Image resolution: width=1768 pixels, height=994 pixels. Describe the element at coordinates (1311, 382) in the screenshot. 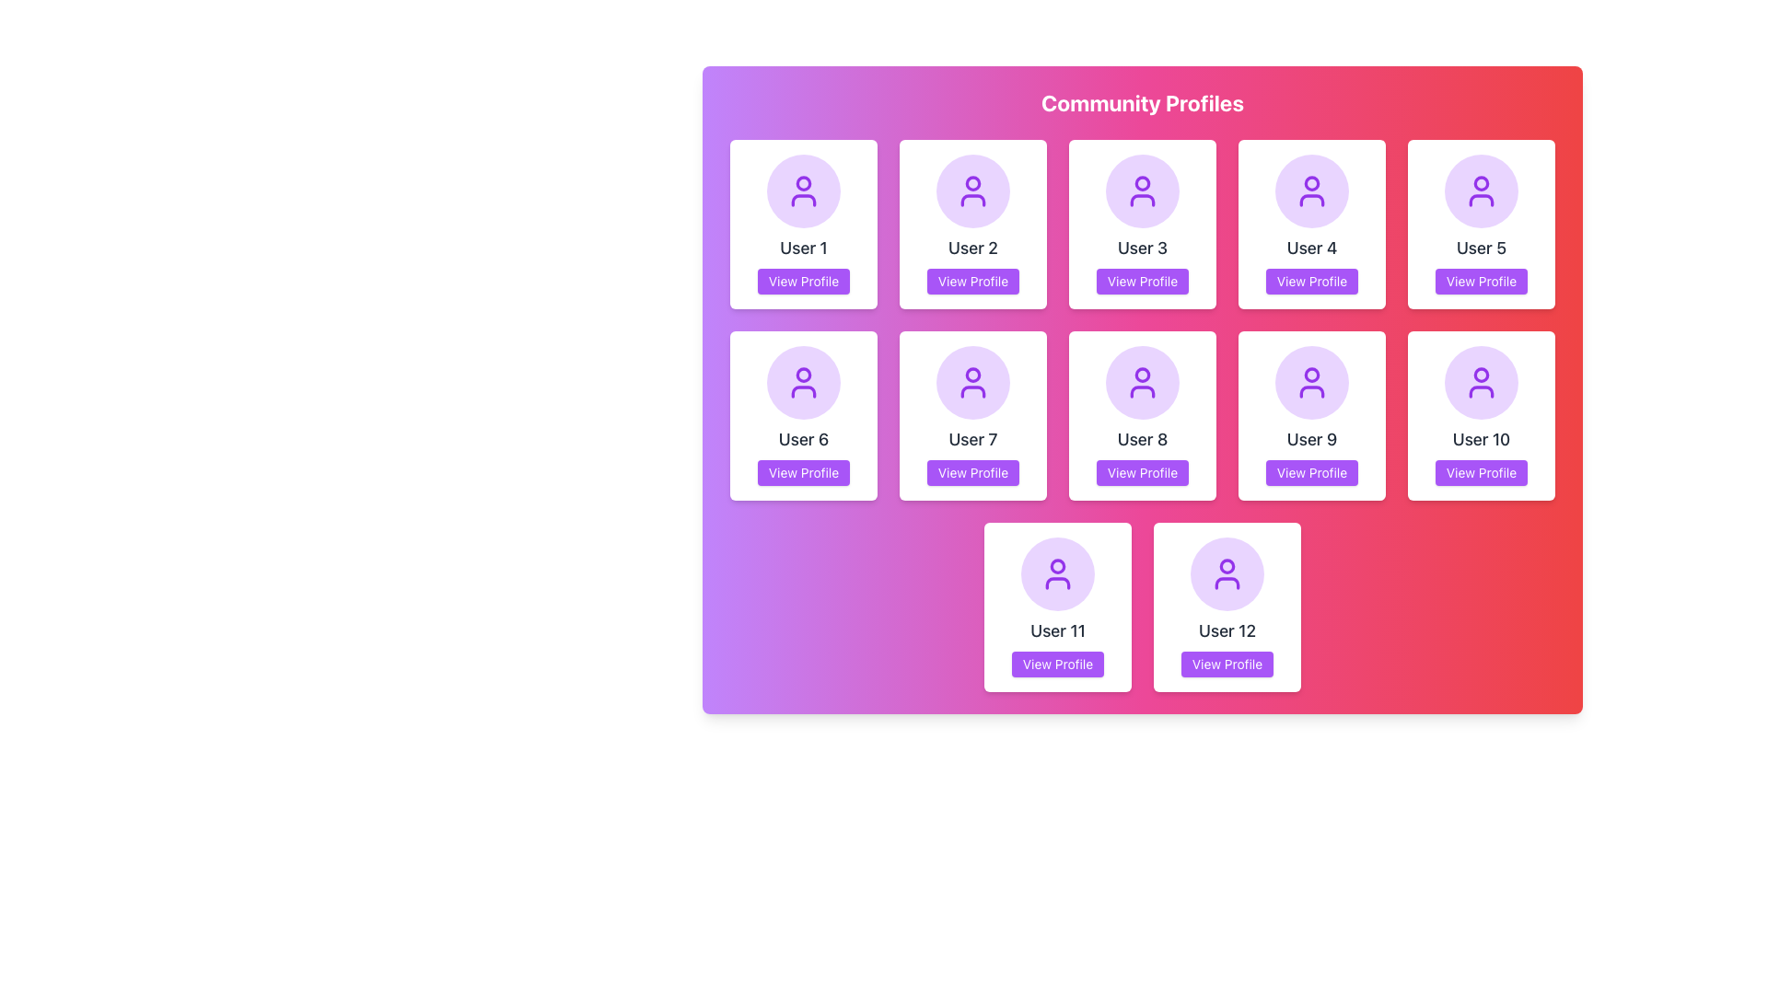

I see `the user profile icon for 'User 9', which is a circular placeholder with a purple background and a simplified human figure in the center, located in the middle section of its card in the grid` at that location.